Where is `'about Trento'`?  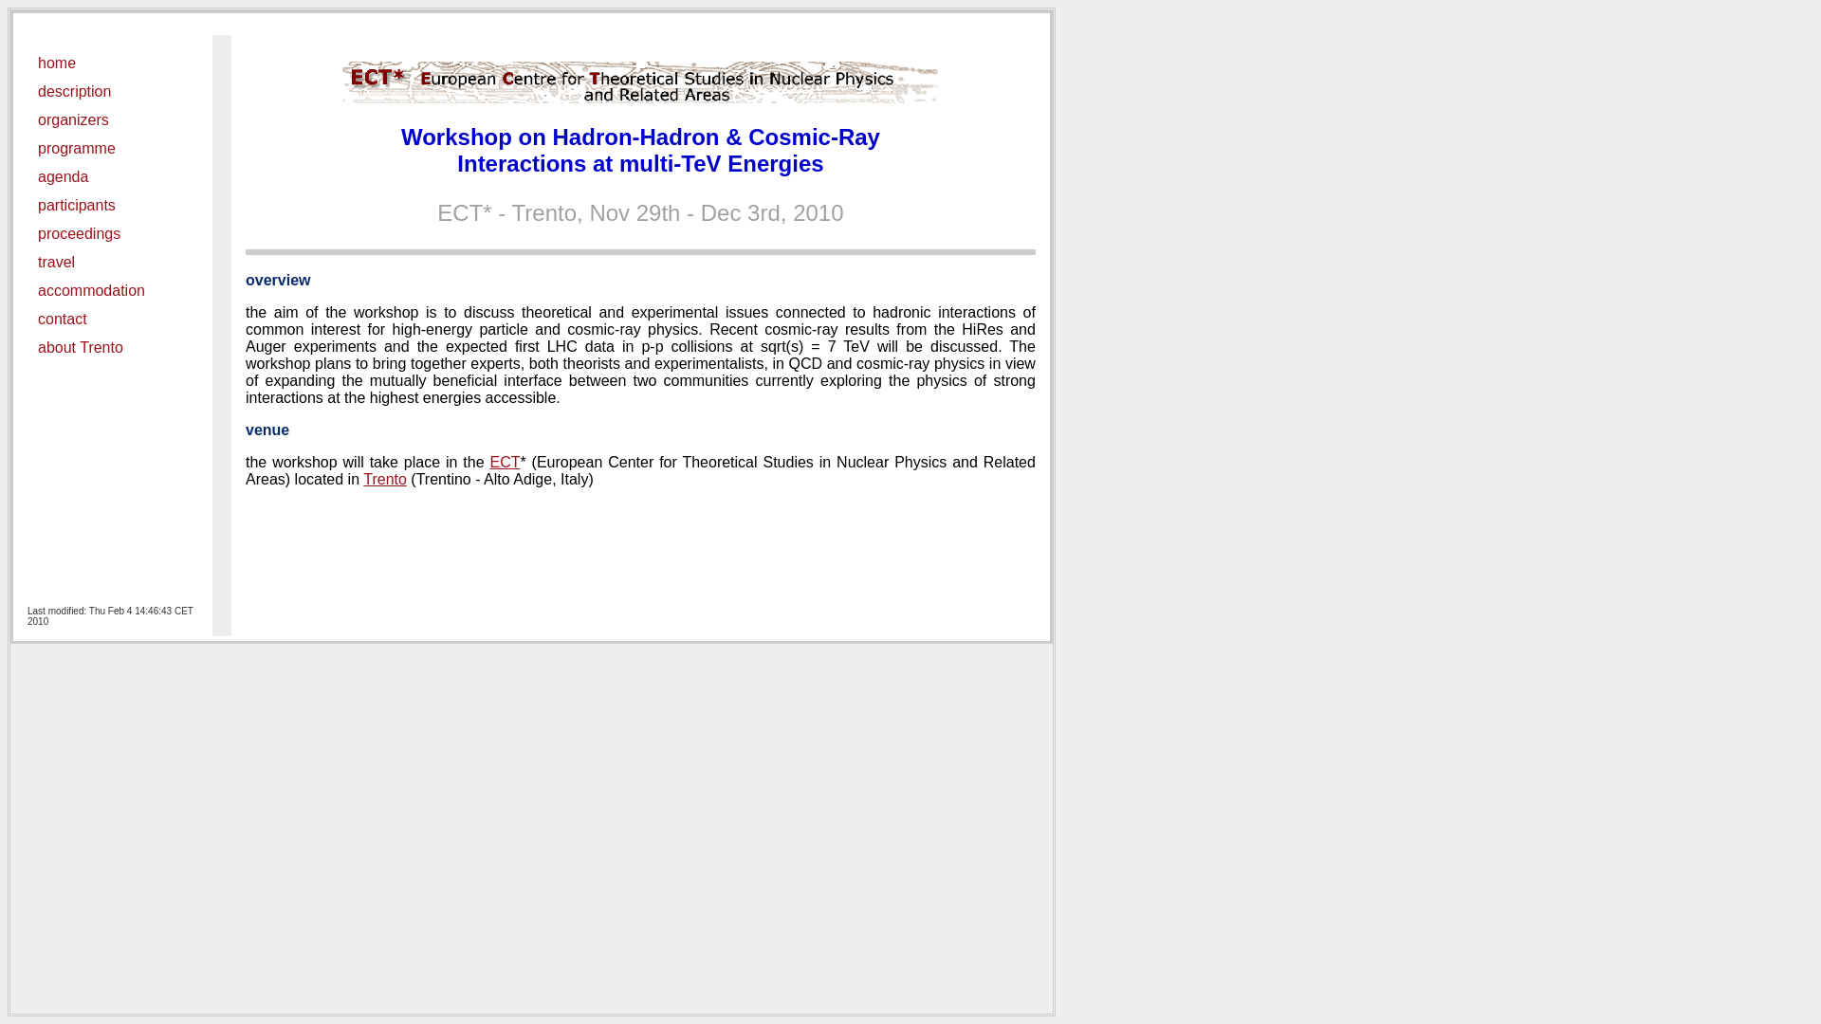 'about Trento' is located at coordinates (37, 347).